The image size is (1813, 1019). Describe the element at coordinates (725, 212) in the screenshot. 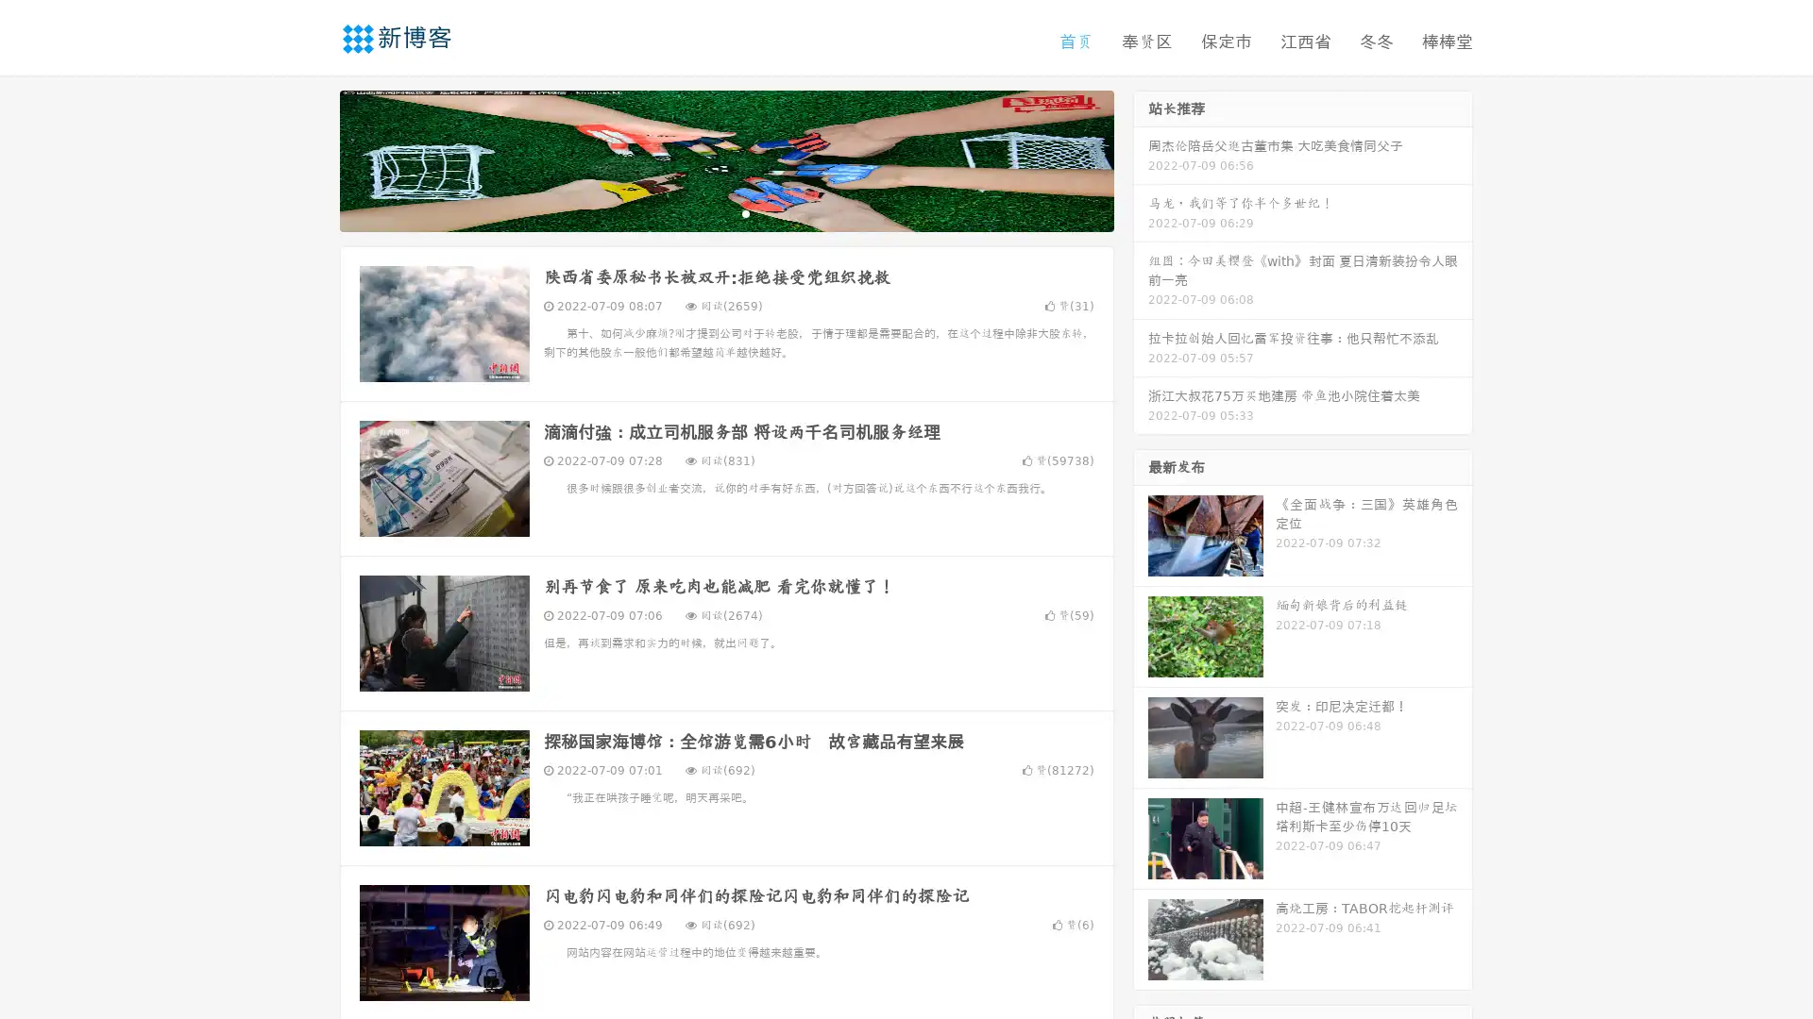

I see `Go to slide 2` at that location.